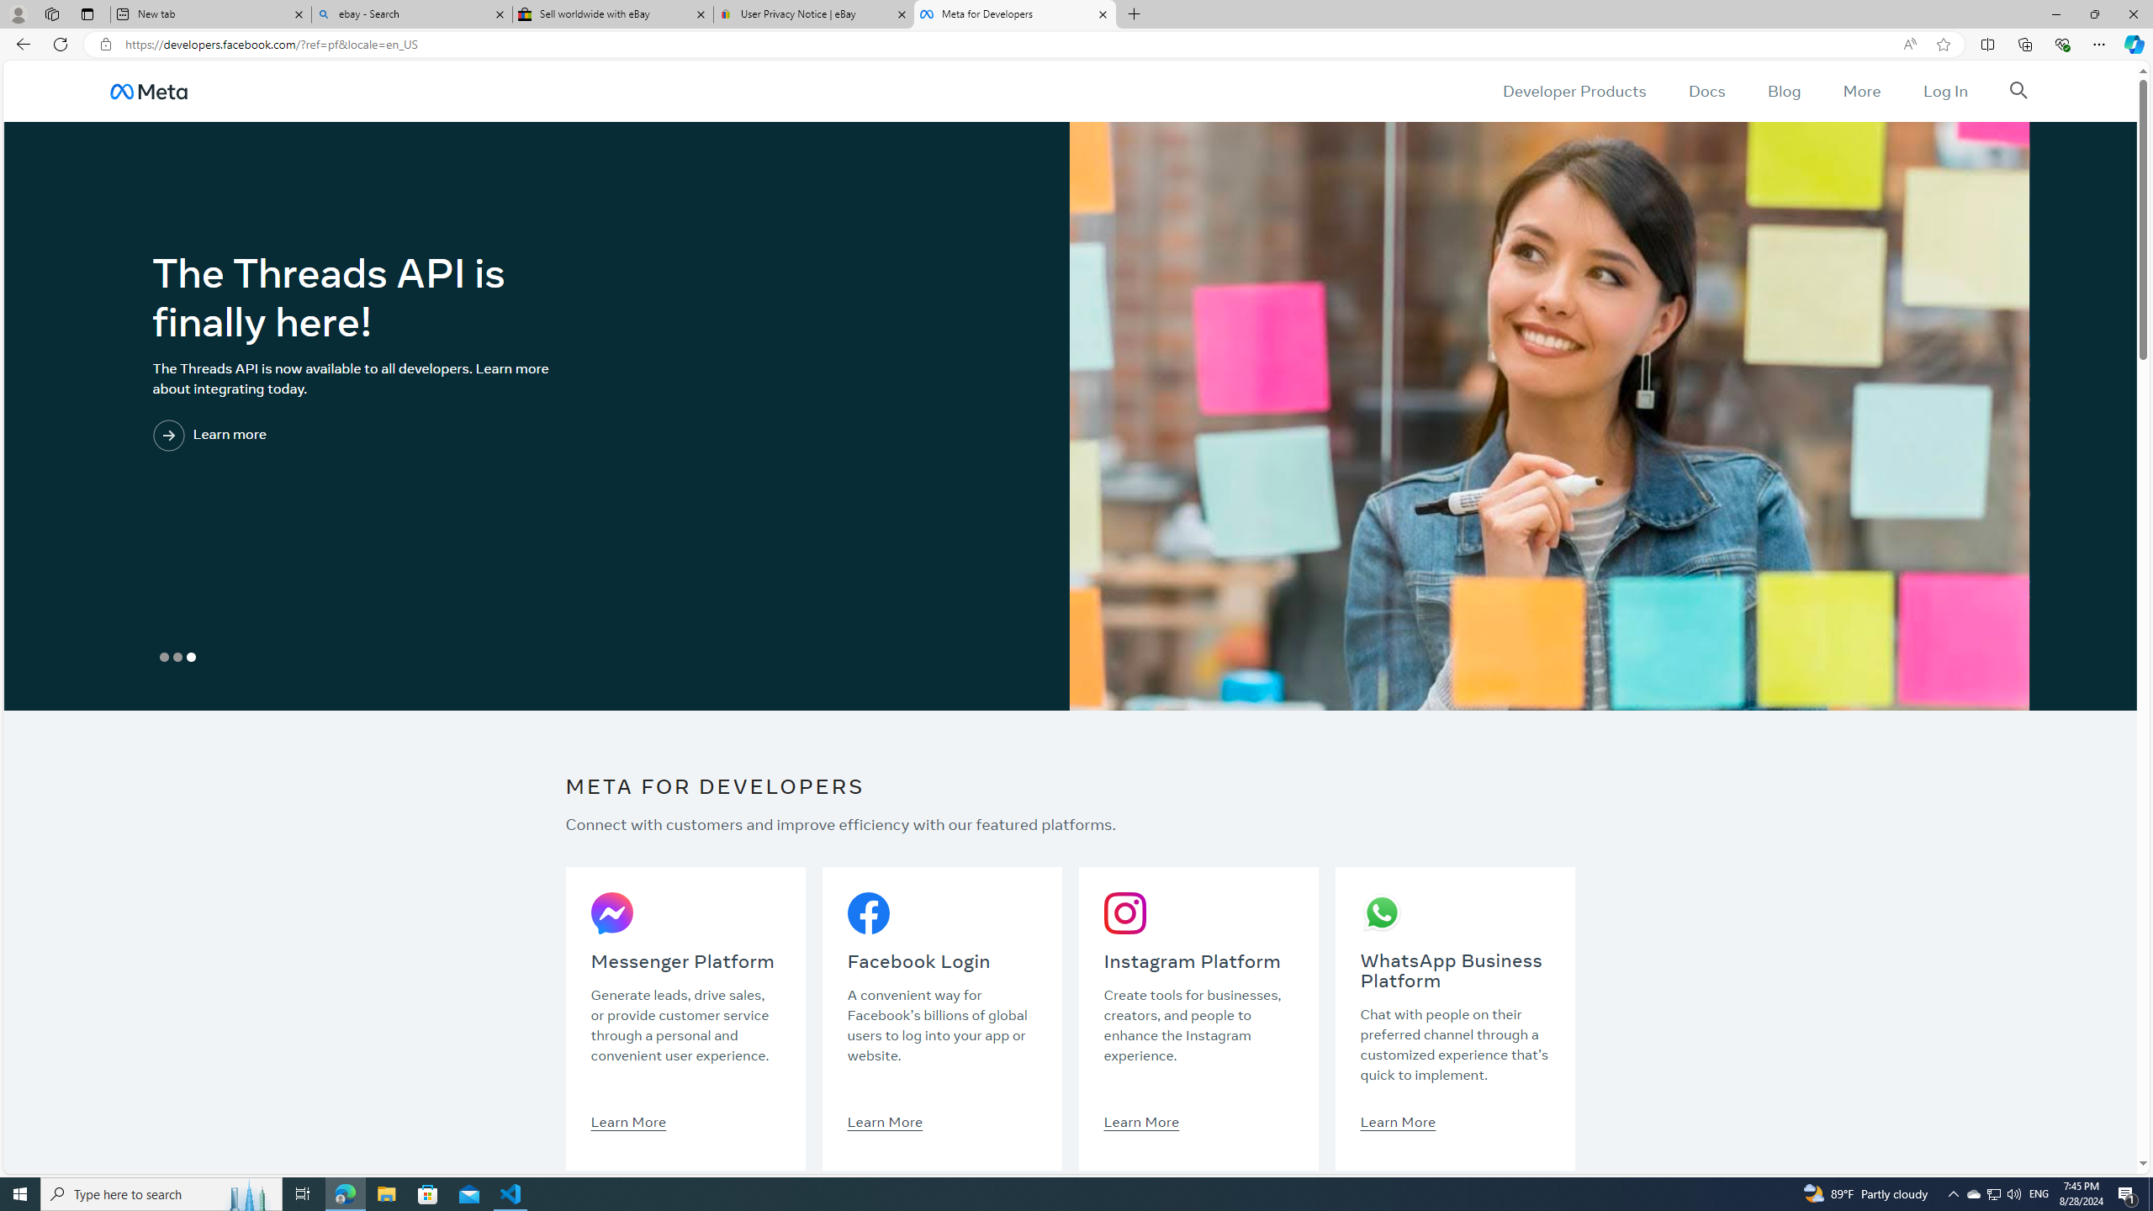 This screenshot has height=1211, width=2153. What do you see at coordinates (812, 13) in the screenshot?
I see `'User Privacy Notice | eBay'` at bounding box center [812, 13].